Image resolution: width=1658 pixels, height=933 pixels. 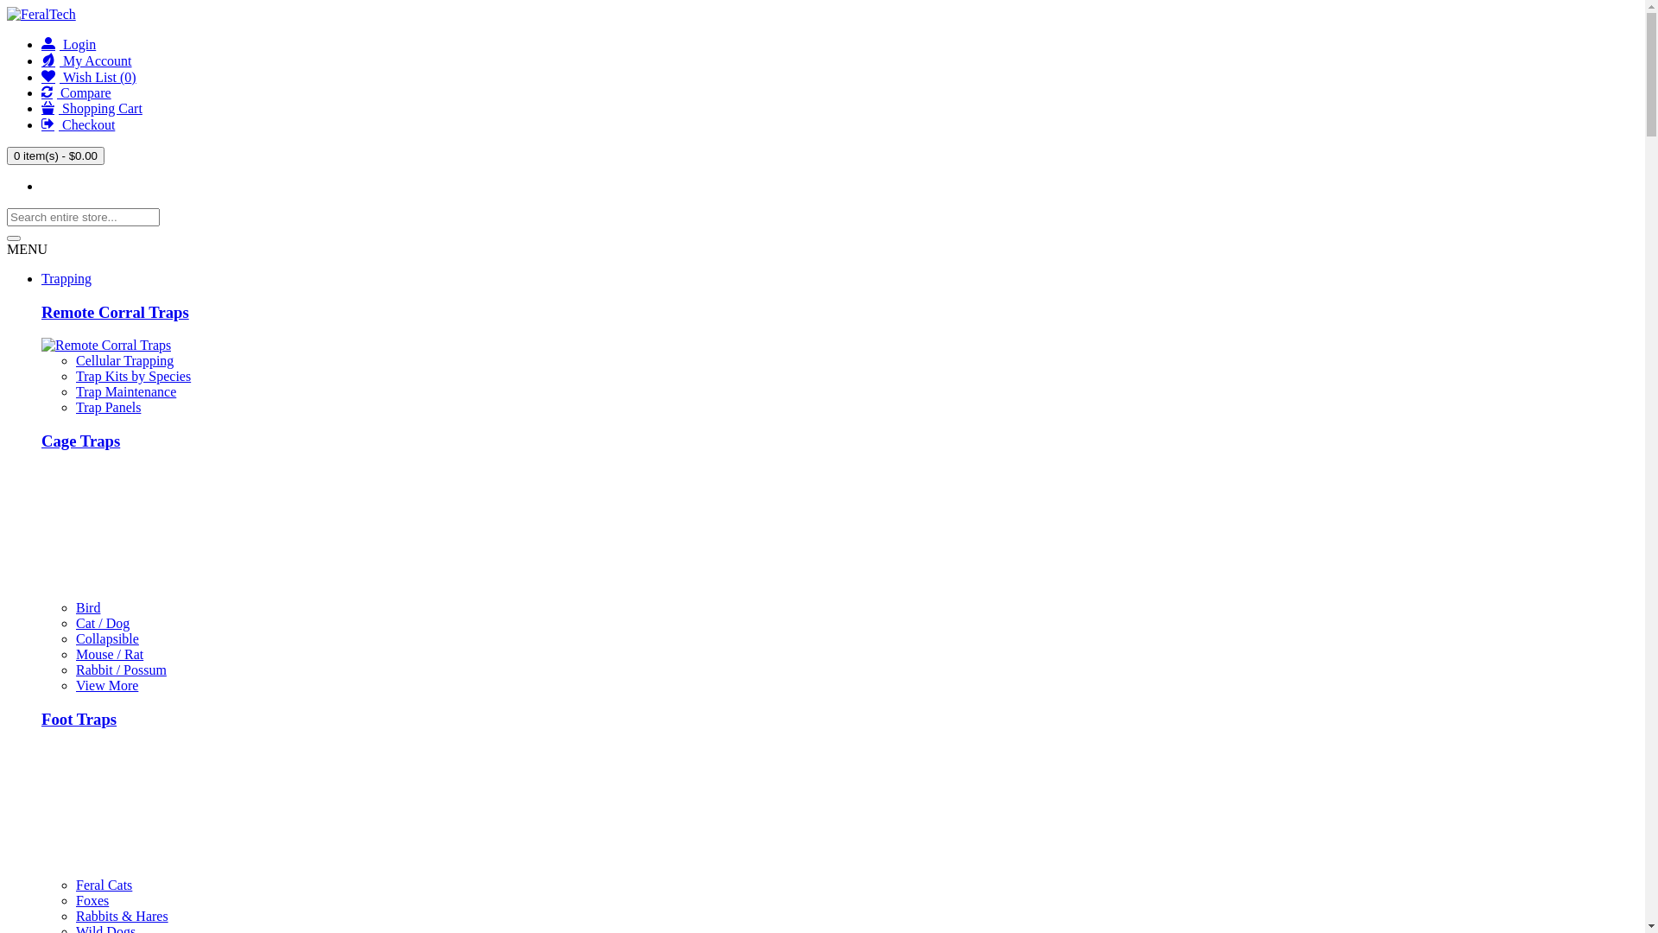 What do you see at coordinates (106, 684) in the screenshot?
I see `'View More'` at bounding box center [106, 684].